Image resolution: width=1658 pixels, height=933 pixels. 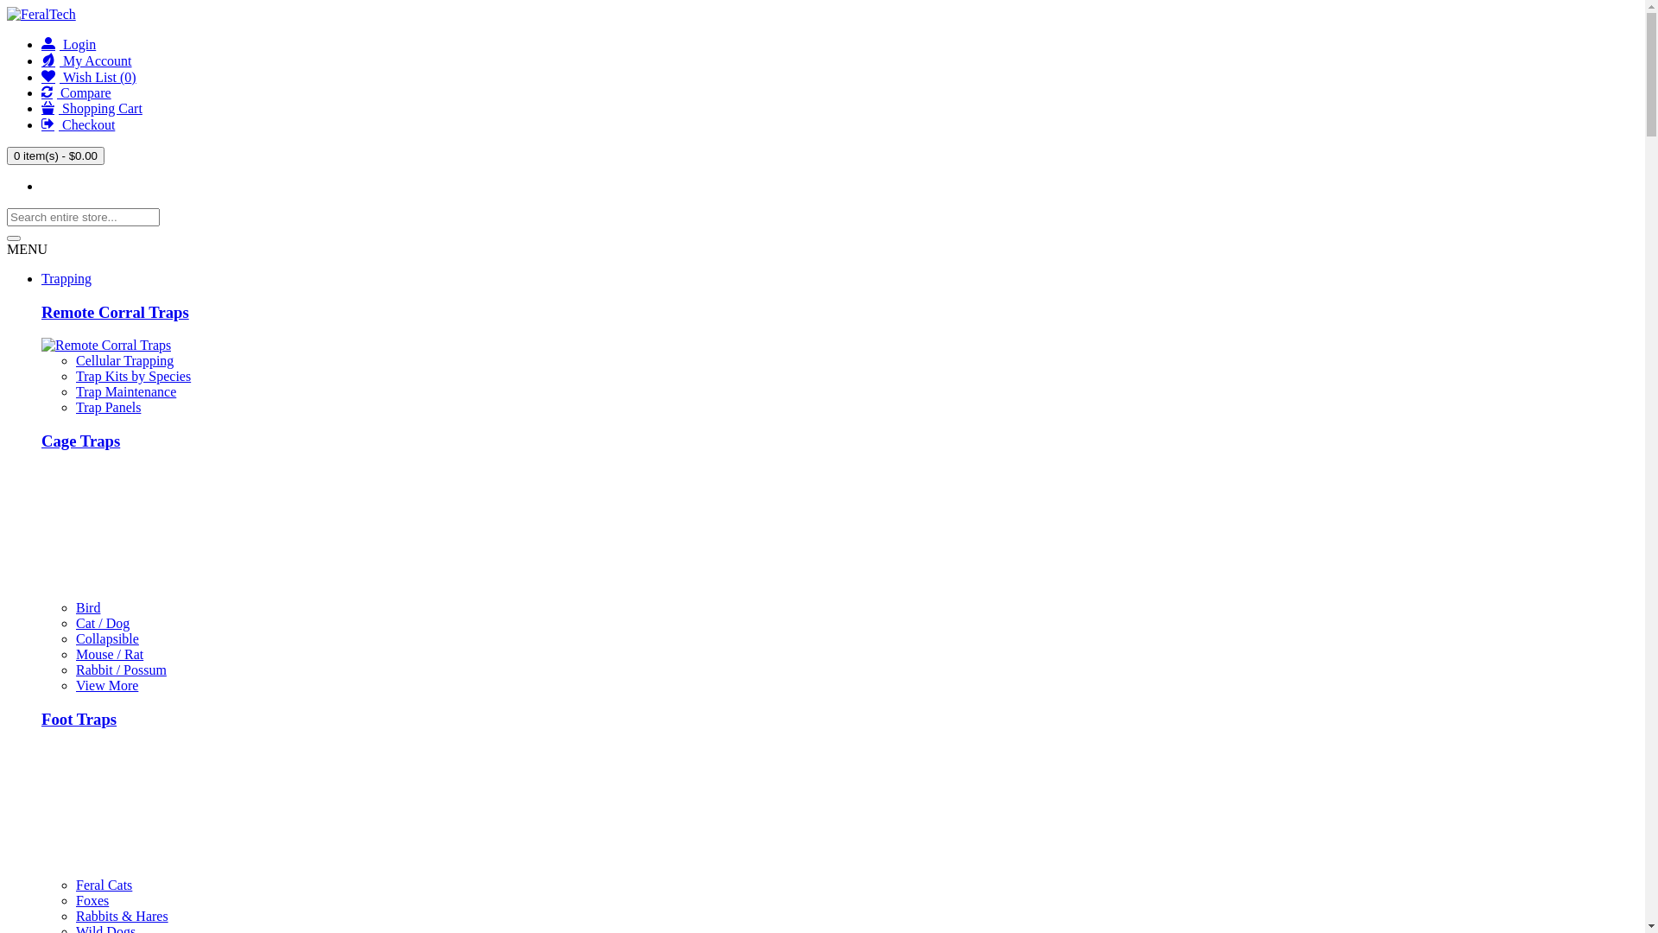 What do you see at coordinates (106, 684) in the screenshot?
I see `'View More'` at bounding box center [106, 684].